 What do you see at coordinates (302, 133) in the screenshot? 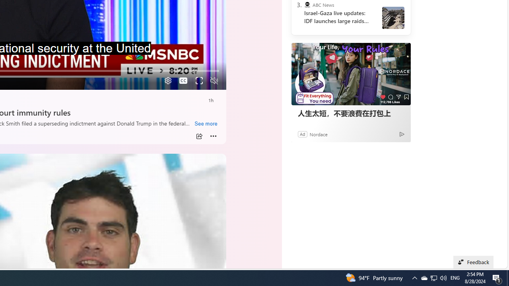
I see `'Ad'` at bounding box center [302, 133].